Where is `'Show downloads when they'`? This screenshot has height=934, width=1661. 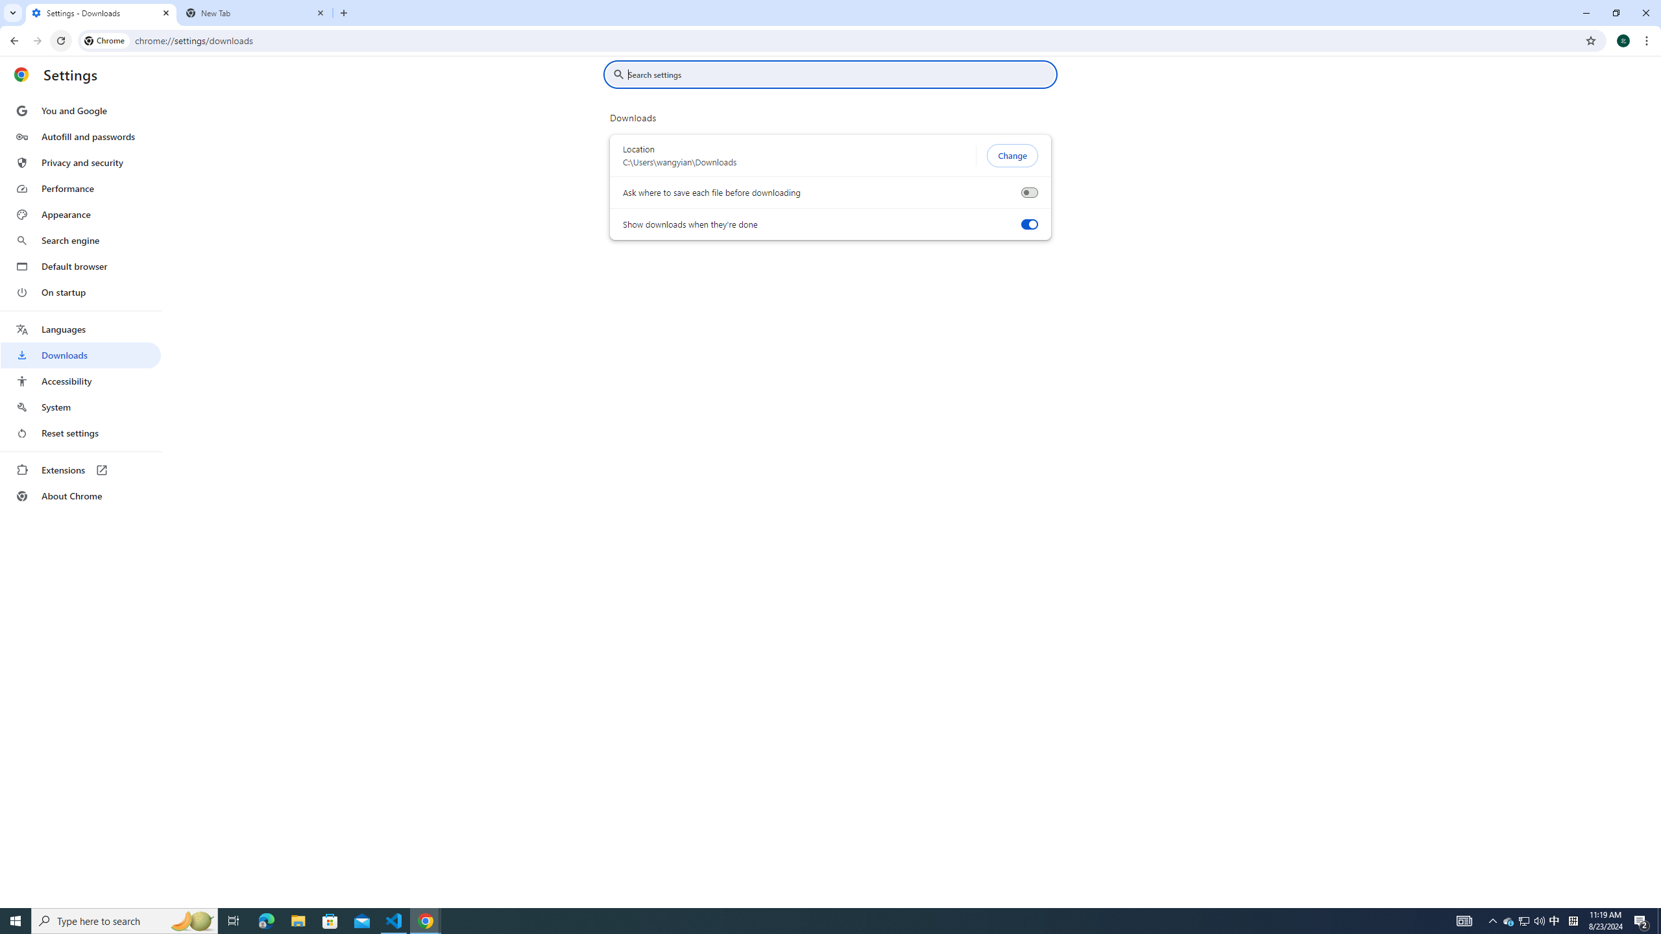
'Show downloads when they' is located at coordinates (1028, 224).